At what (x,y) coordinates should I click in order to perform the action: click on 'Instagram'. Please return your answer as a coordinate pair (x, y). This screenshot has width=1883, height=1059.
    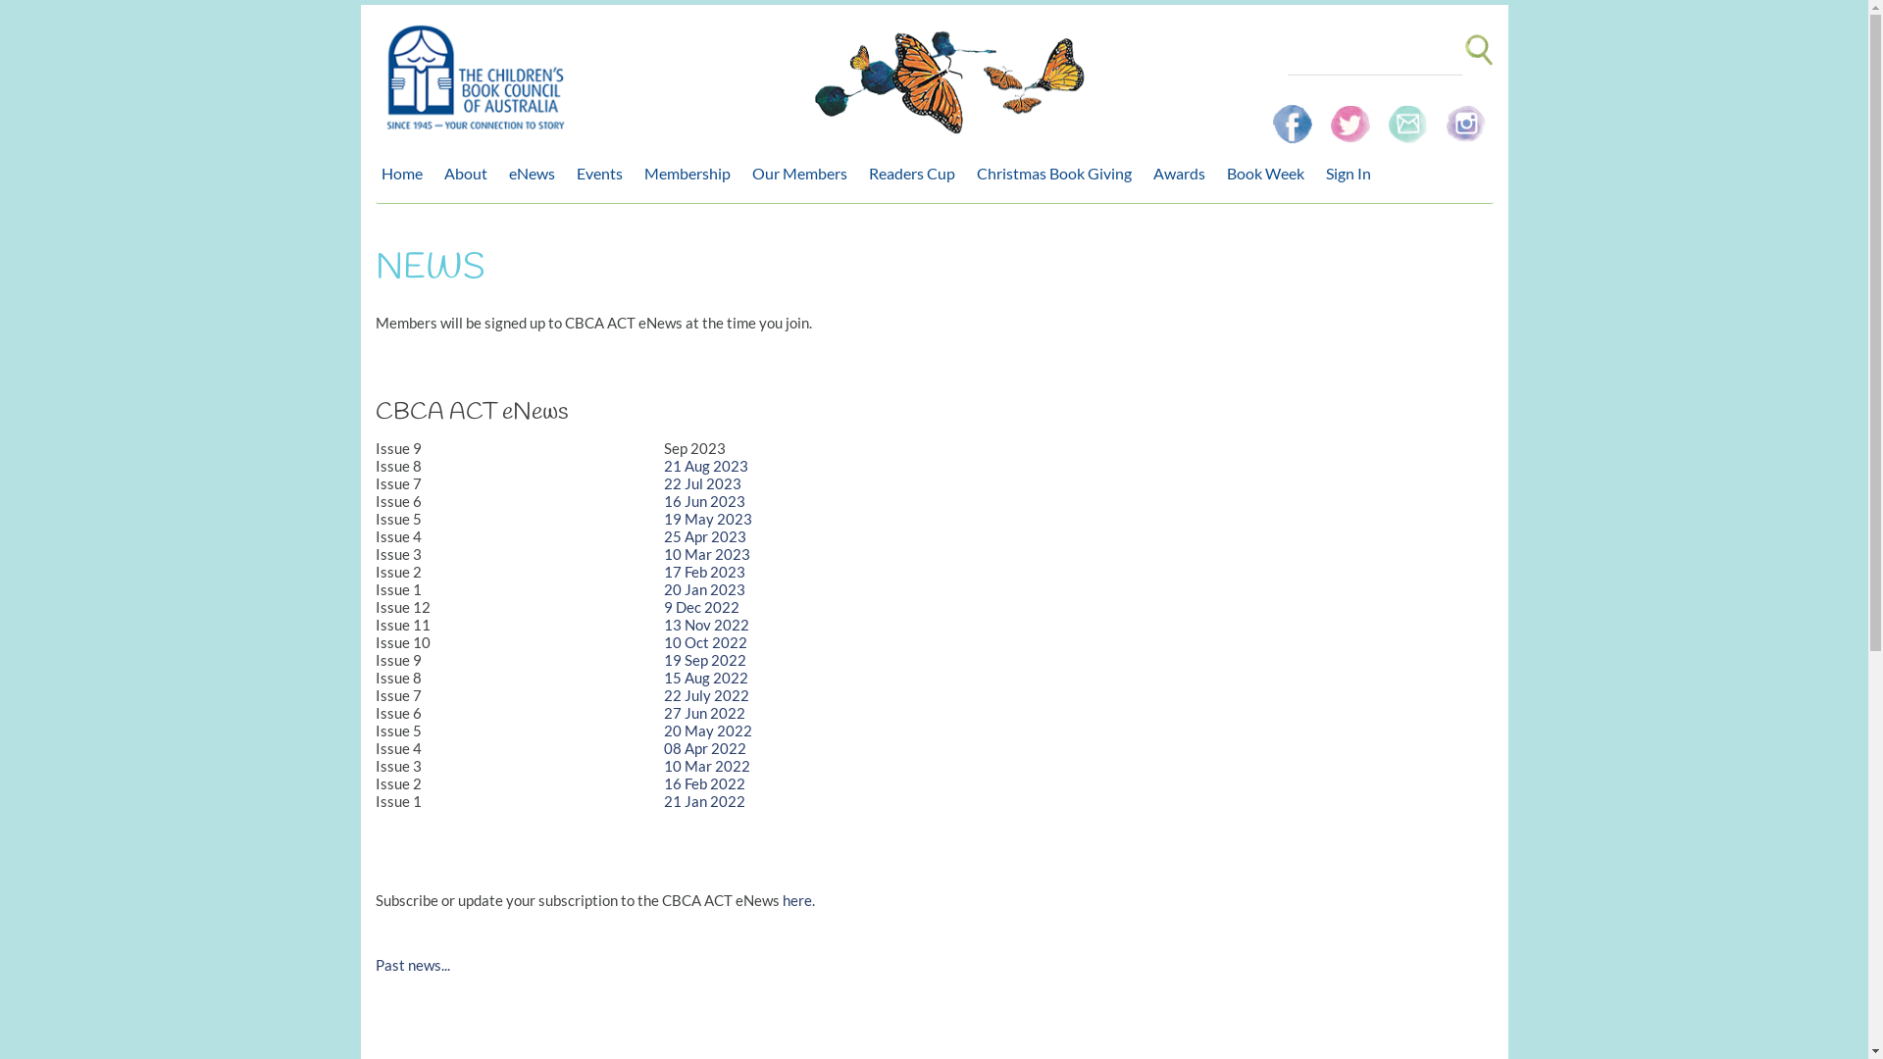
    Looking at the image, I should click on (1464, 116).